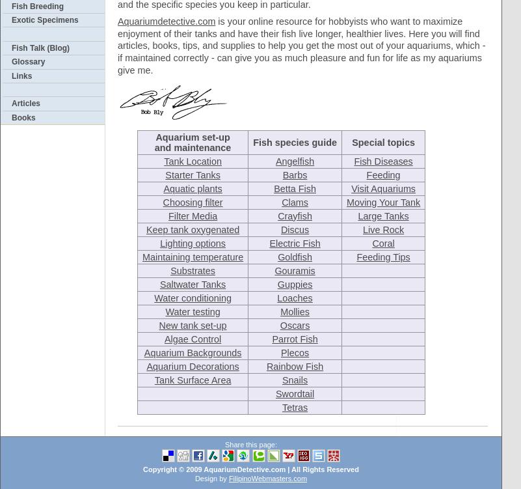 The width and height of the screenshot is (521, 489). What do you see at coordinates (192, 270) in the screenshot?
I see `'Substrates'` at bounding box center [192, 270].